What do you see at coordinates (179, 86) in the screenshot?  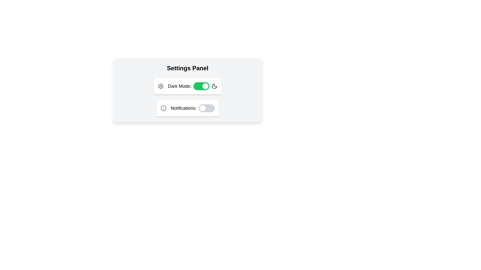 I see `the Text Label for the Dark Mode toggle located in the top section of the settings interface, positioned between the settings icon and the green toggle switch` at bounding box center [179, 86].